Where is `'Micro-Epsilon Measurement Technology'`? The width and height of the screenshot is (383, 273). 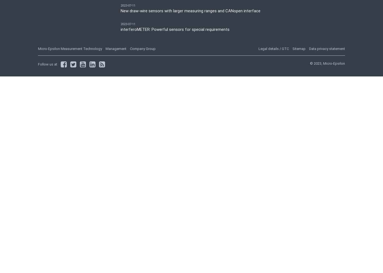
'Micro-Epsilon Measurement Technology' is located at coordinates (70, 48).